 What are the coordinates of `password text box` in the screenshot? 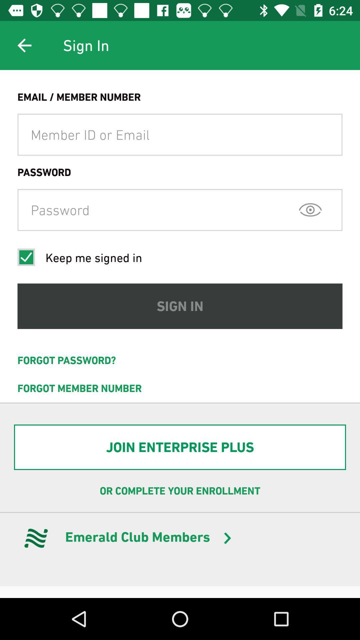 It's located at (180, 209).